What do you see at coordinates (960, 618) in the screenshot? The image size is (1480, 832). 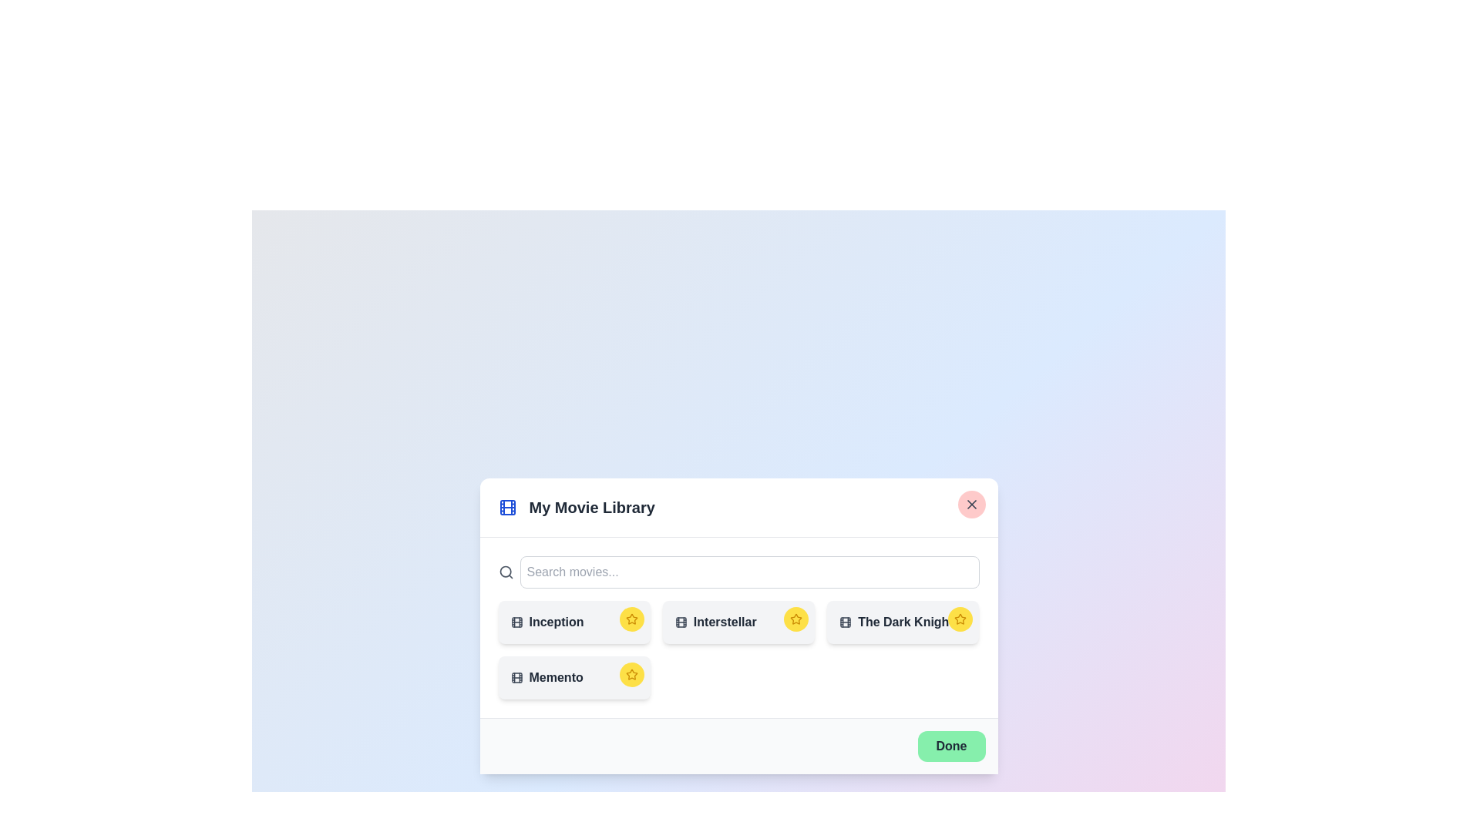 I see `the button located at the upper right corner of 'The Dark Knight' movie card to mark it as a favorite` at bounding box center [960, 618].